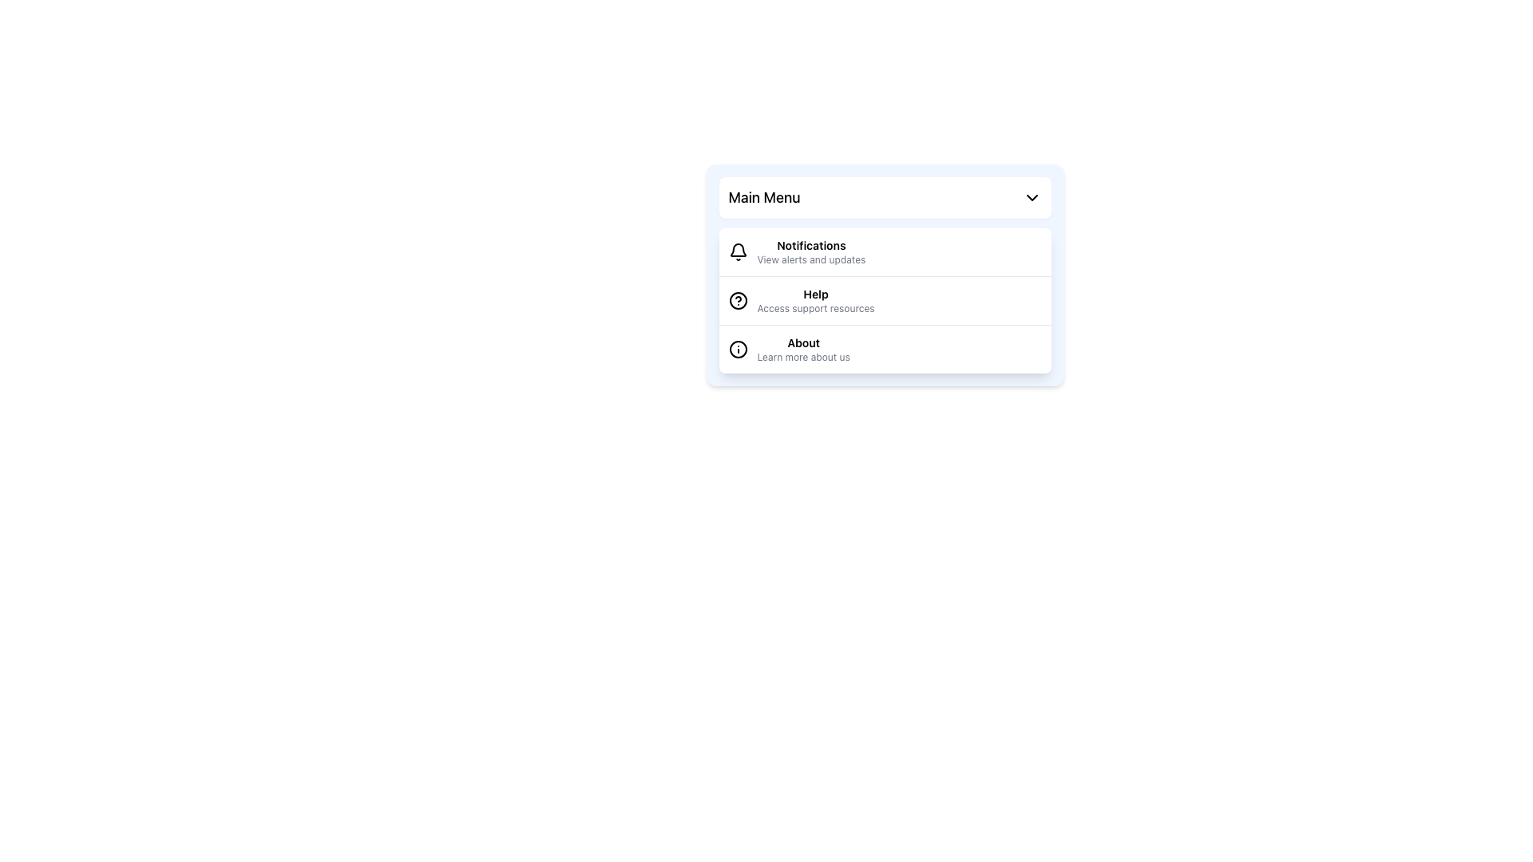 This screenshot has height=862, width=1533. What do you see at coordinates (811, 246) in the screenshot?
I see `text label that identifies the option for receiving notifications in the Main Menu, located above 'View alerts and updates'` at bounding box center [811, 246].